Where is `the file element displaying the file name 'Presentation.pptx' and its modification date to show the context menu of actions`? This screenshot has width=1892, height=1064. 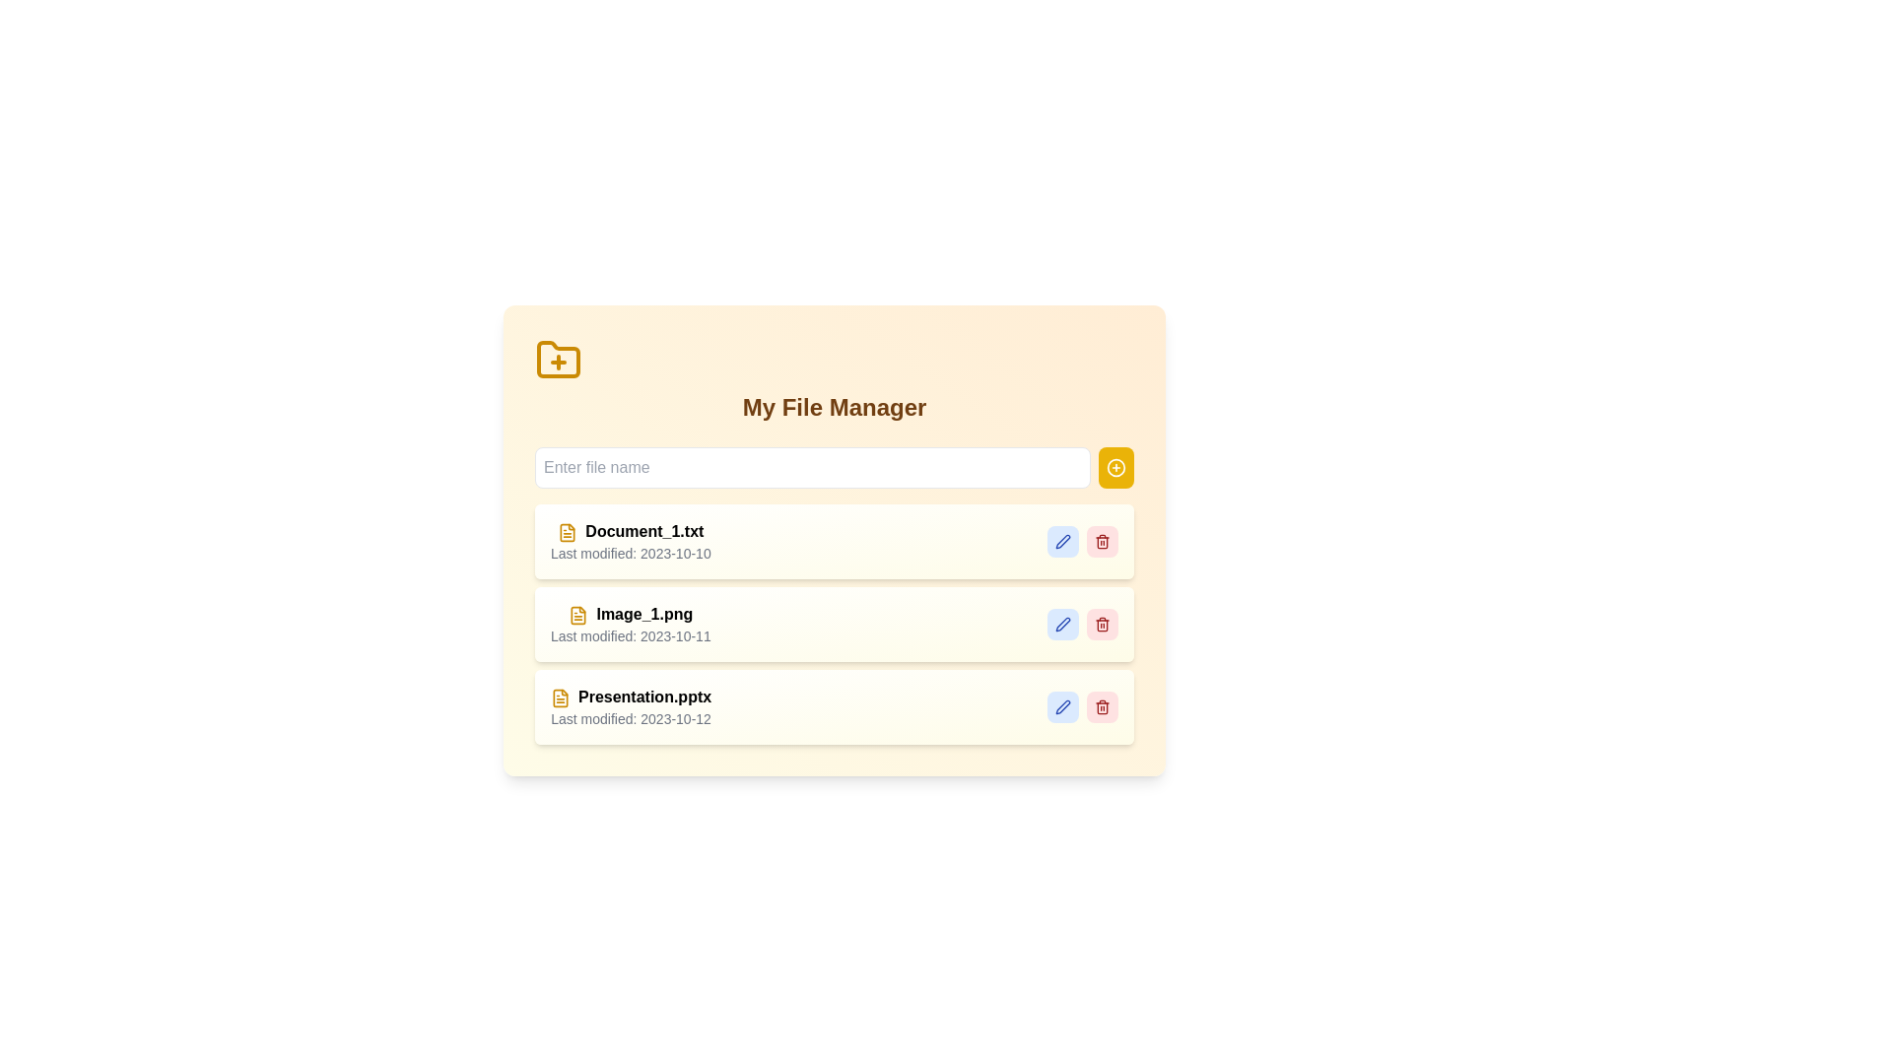 the file element displaying the file name 'Presentation.pptx' and its modification date to show the context menu of actions is located at coordinates (629, 705).